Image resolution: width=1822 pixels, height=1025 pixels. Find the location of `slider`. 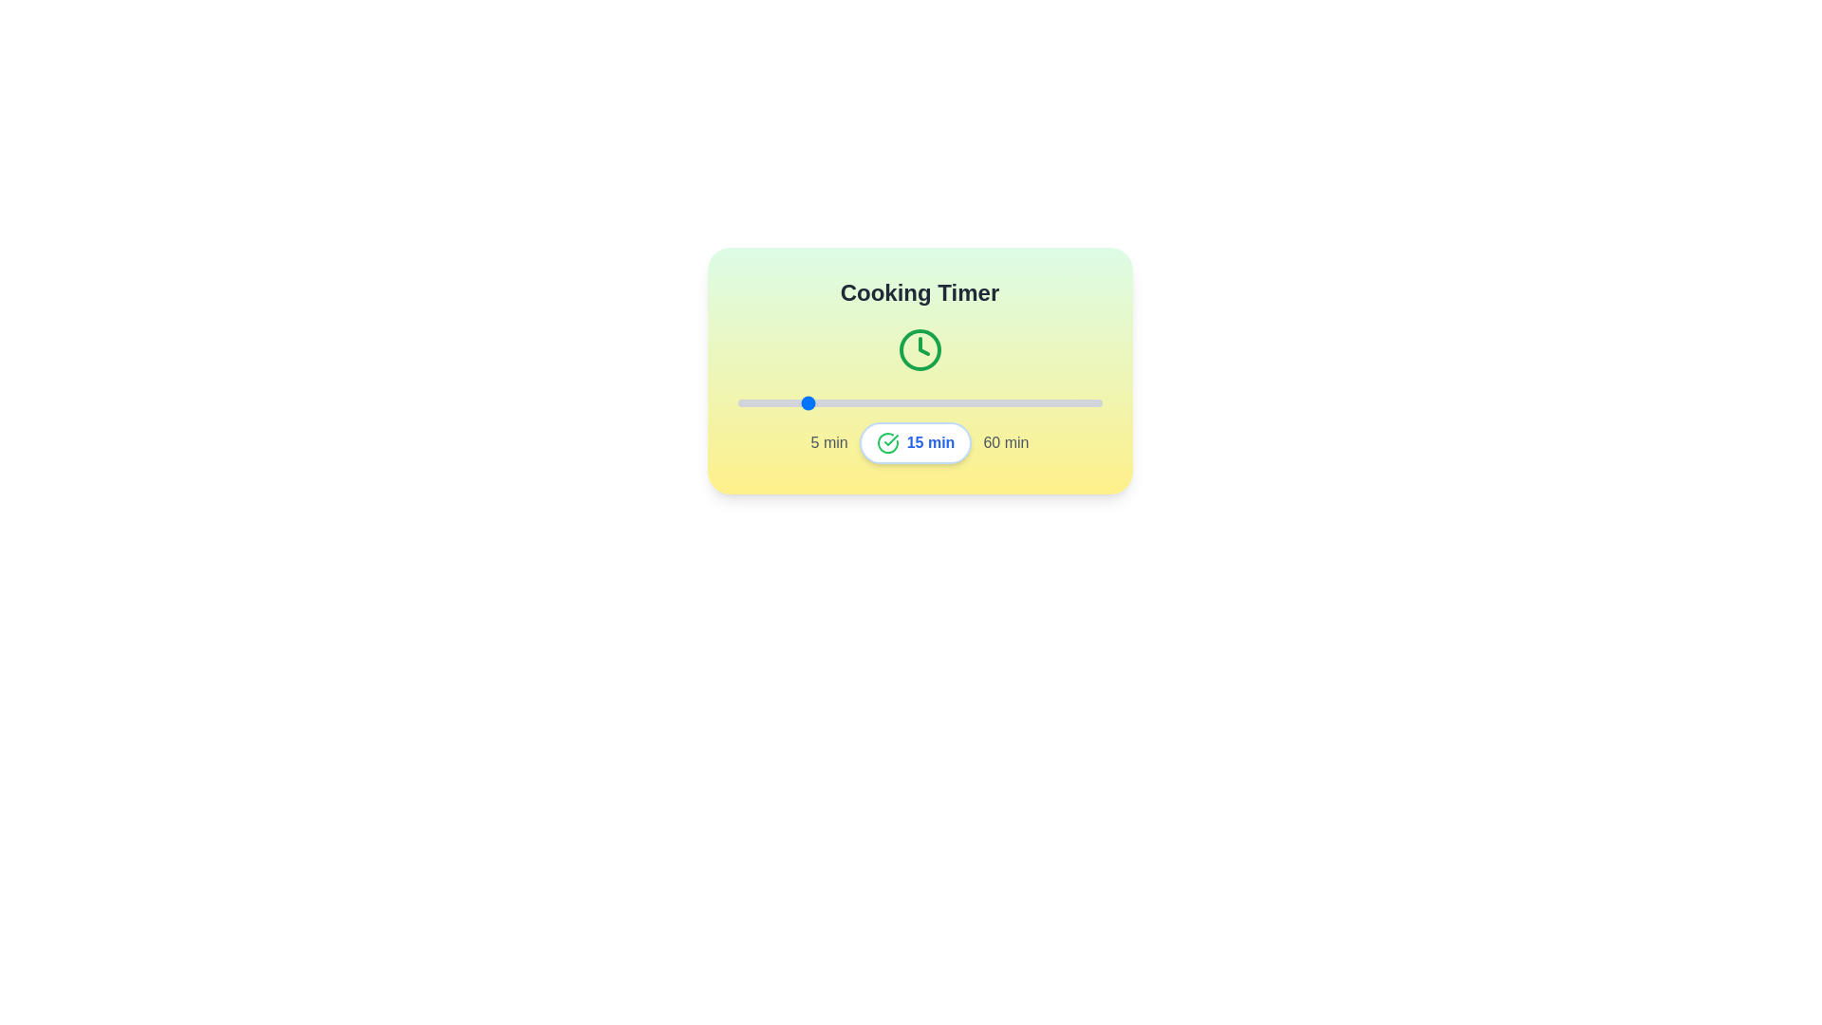

slider is located at coordinates (1034, 401).